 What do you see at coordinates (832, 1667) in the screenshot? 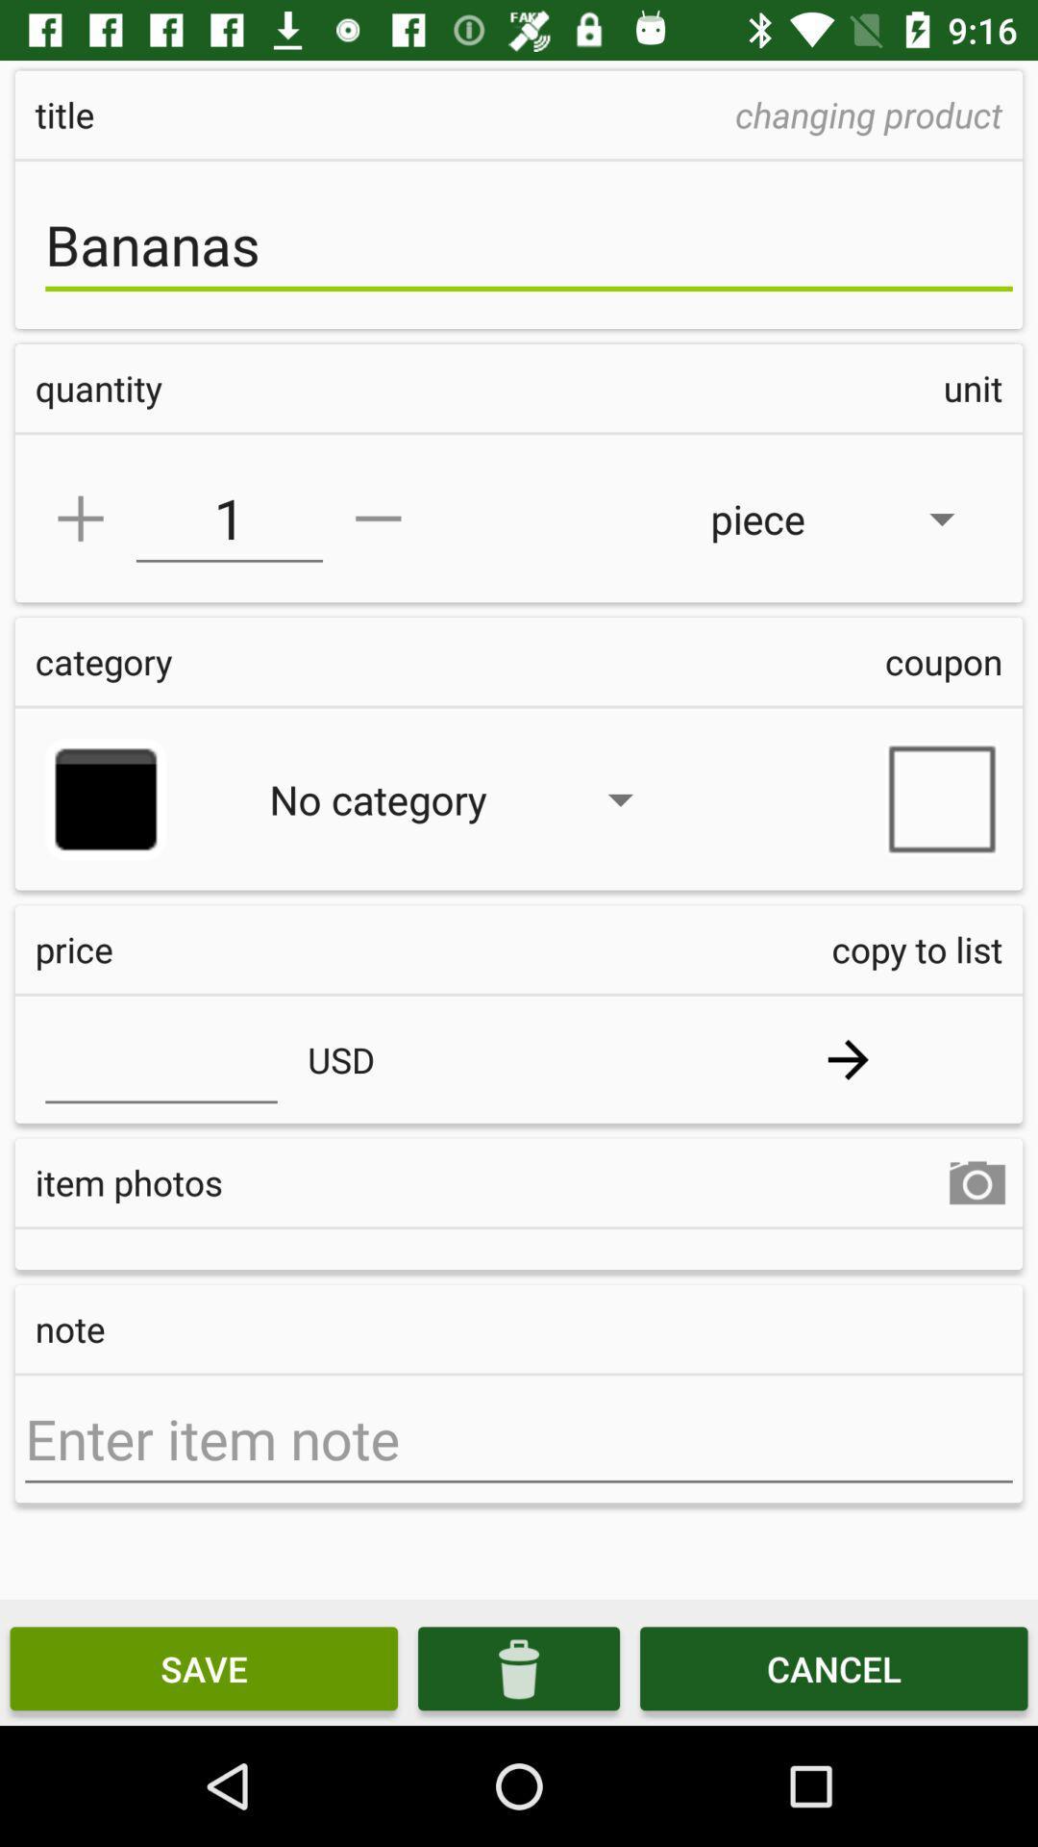
I see `item at the bottom right corner` at bounding box center [832, 1667].